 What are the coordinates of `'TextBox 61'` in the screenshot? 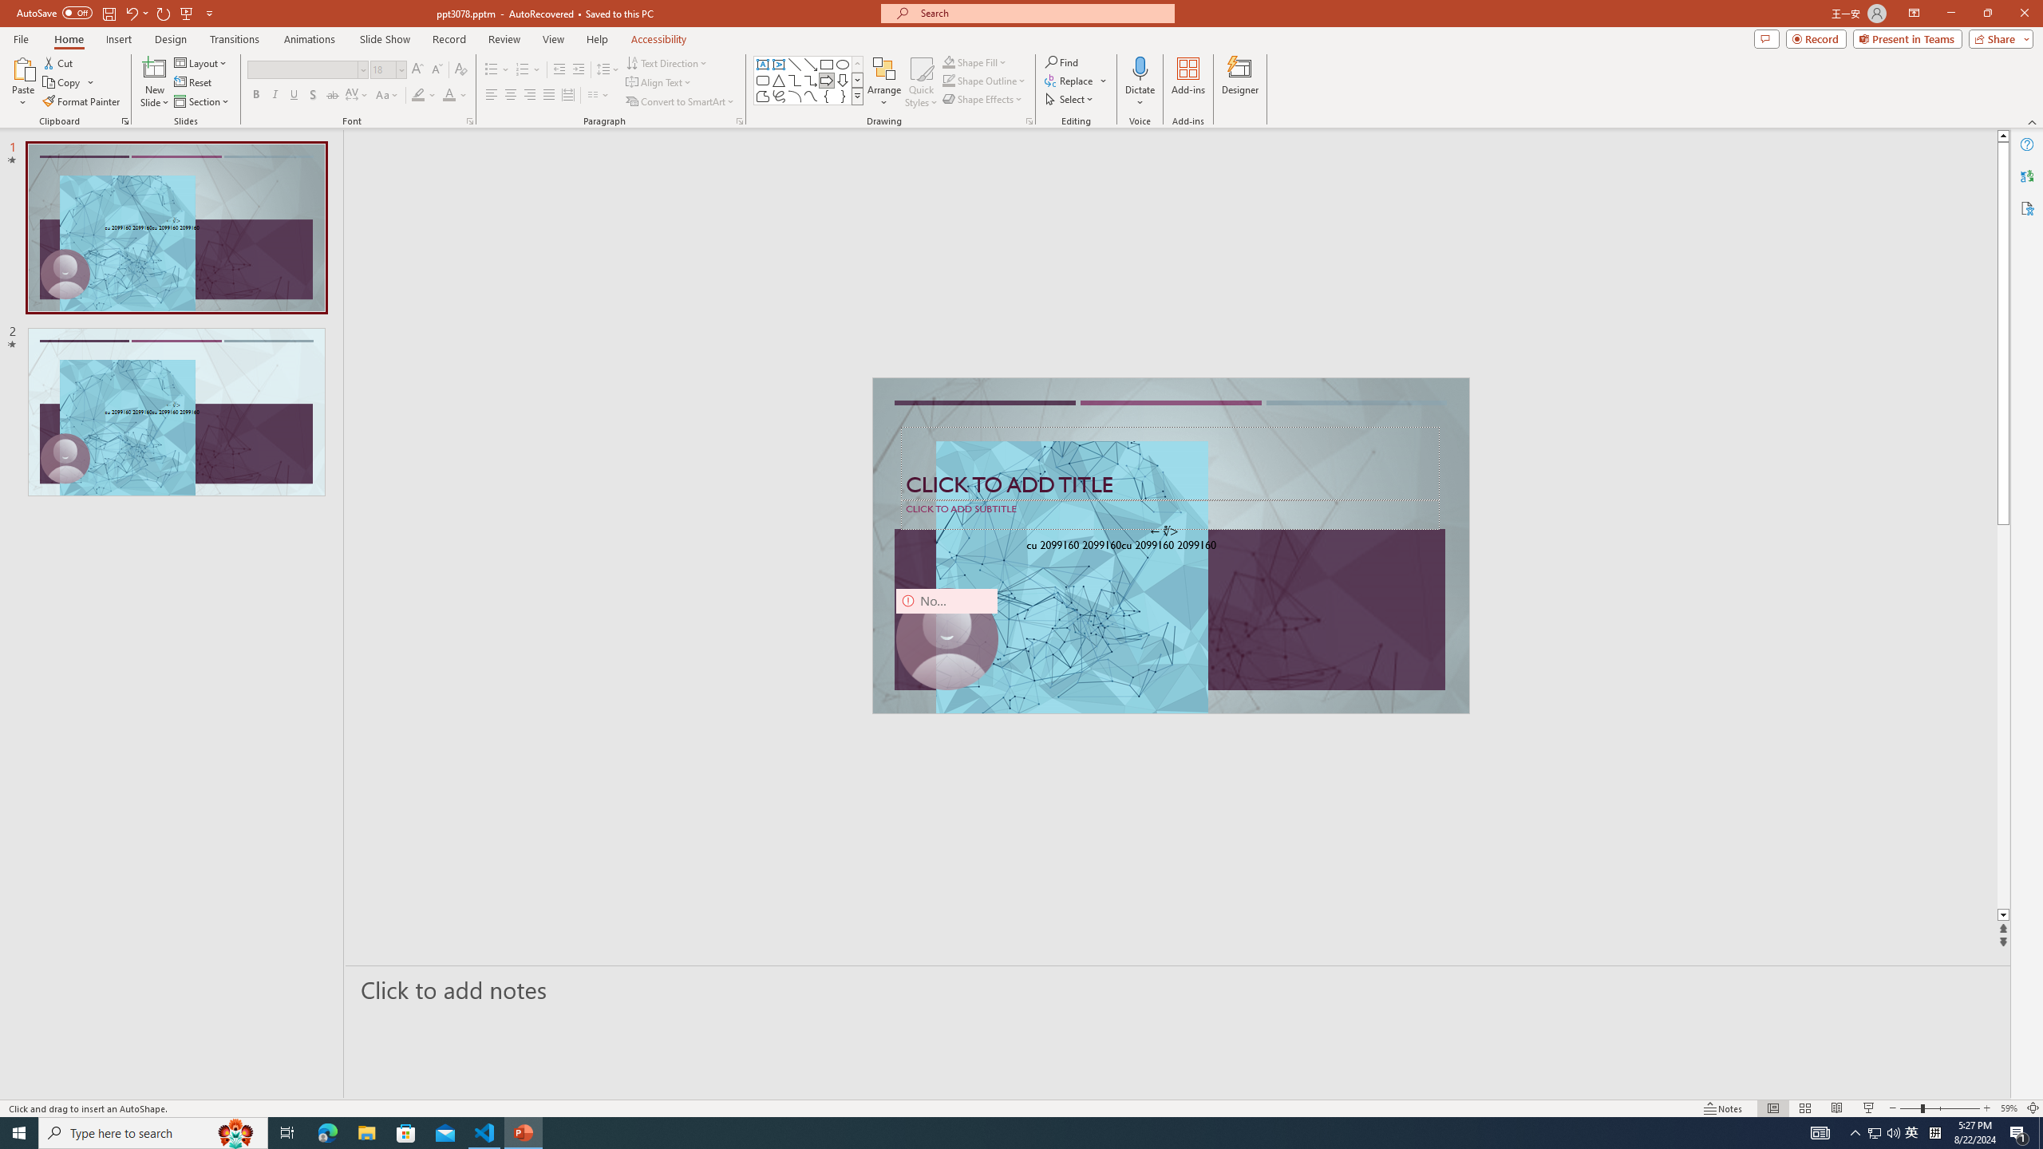 It's located at (1168, 547).